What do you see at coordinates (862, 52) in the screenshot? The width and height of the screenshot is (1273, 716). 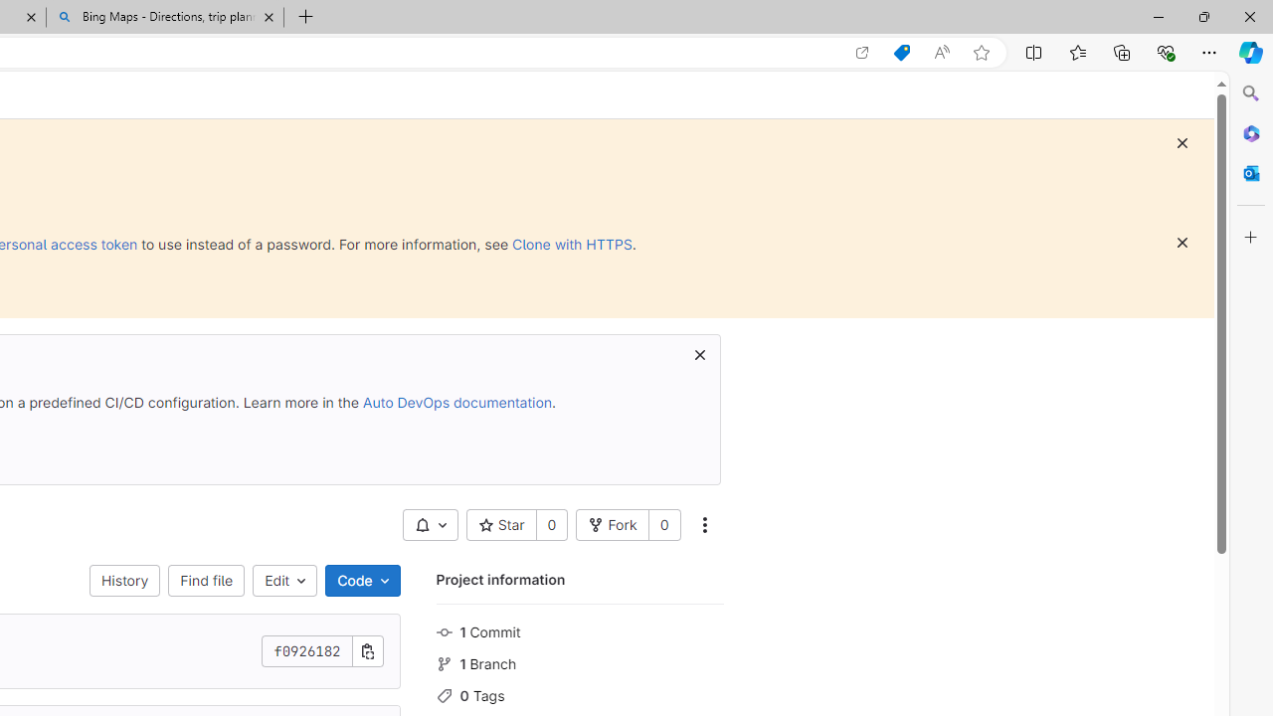 I see `'Open in app'` at bounding box center [862, 52].